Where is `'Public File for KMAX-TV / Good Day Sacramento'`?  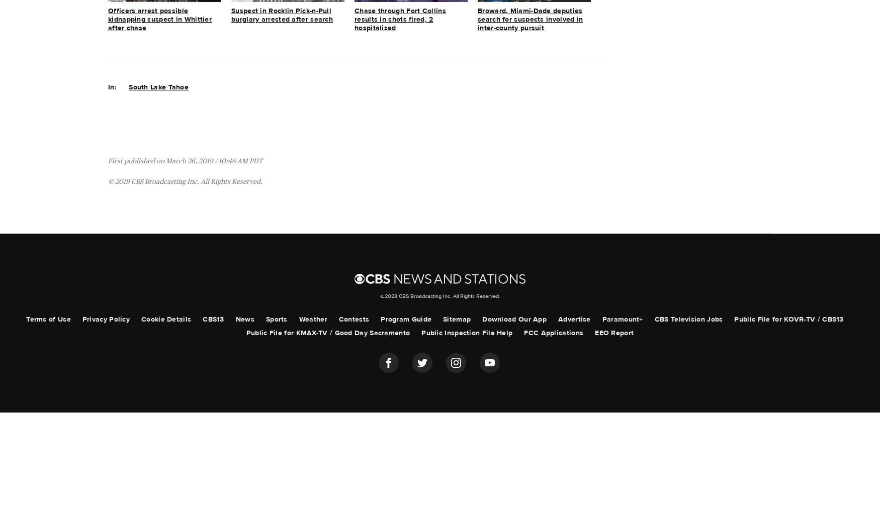 'Public File for KMAX-TV / Good Day Sacramento' is located at coordinates (245, 333).